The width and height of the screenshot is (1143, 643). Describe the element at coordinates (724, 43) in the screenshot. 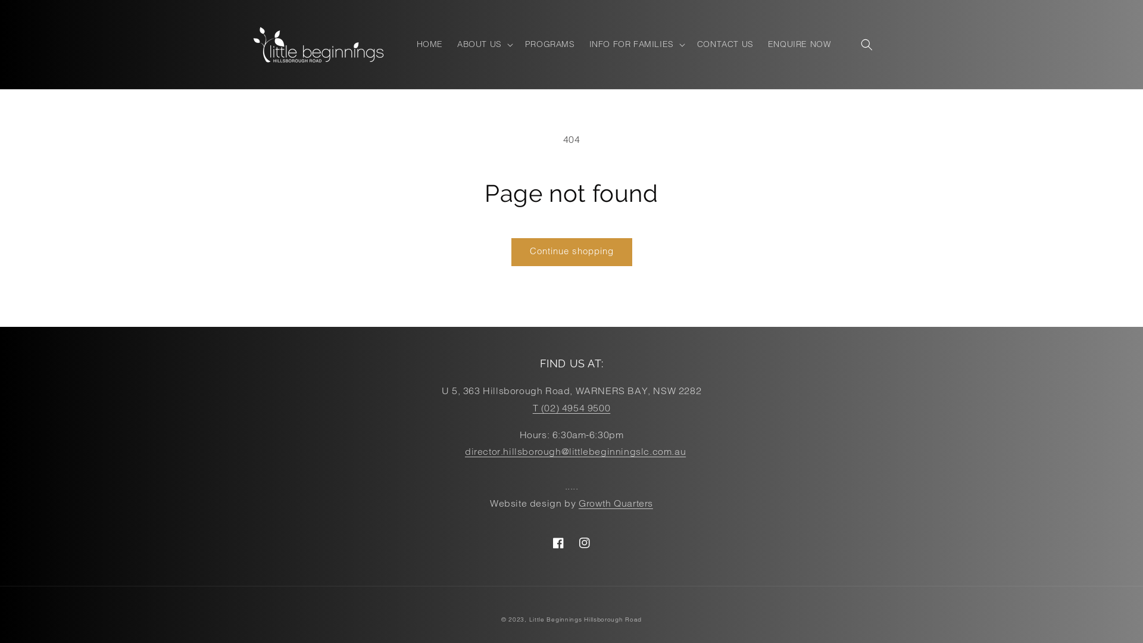

I see `'CONTACT US'` at that location.